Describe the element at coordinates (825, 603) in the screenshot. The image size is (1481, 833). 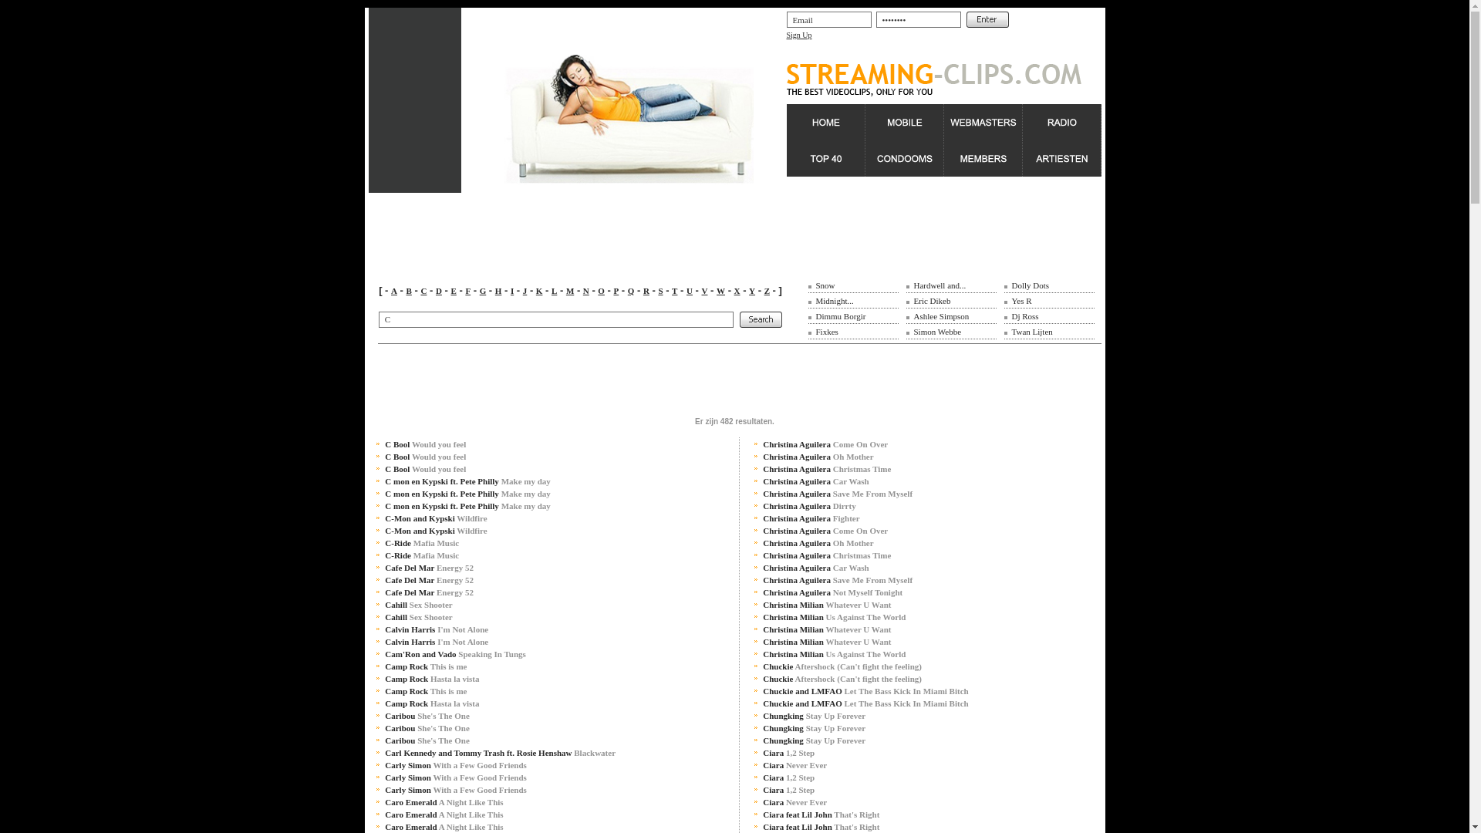
I see `'Christina Milian Whatever U Want'` at that location.